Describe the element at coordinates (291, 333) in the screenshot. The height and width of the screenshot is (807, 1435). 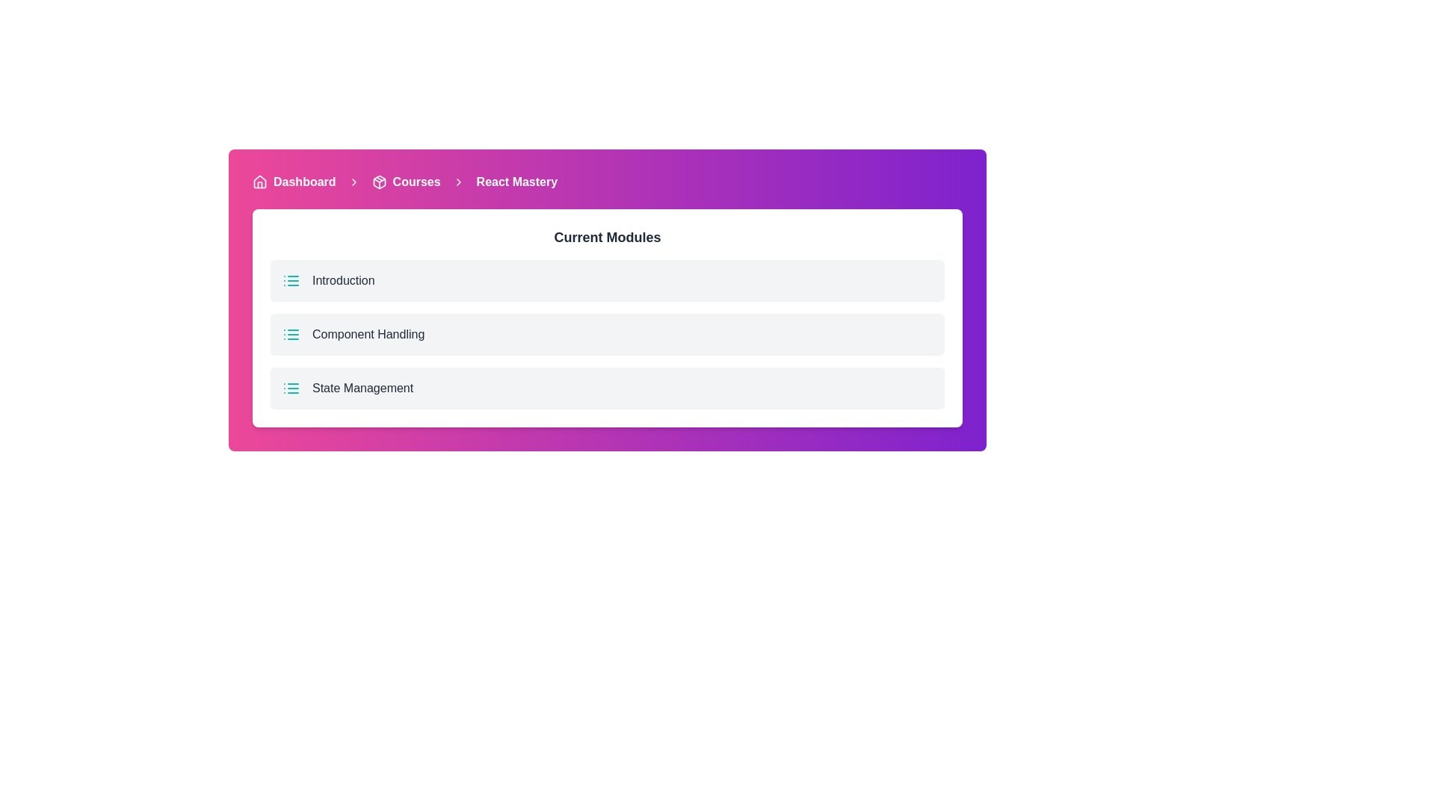
I see `the icon representing a list in the 'Component Handling' module card located in the 'Current Modules' section` at that location.